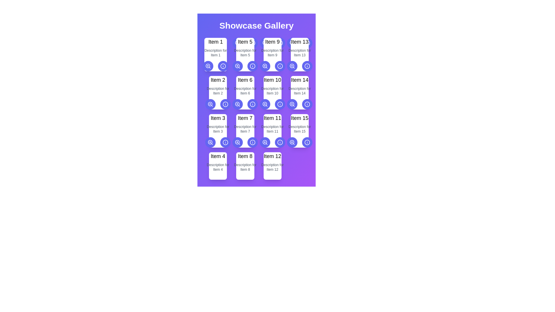  I want to click on the Informational card displaying 'Item 10' with a description 'Description for Item 10', located at row 2, column 3 of the grid, so click(272, 92).